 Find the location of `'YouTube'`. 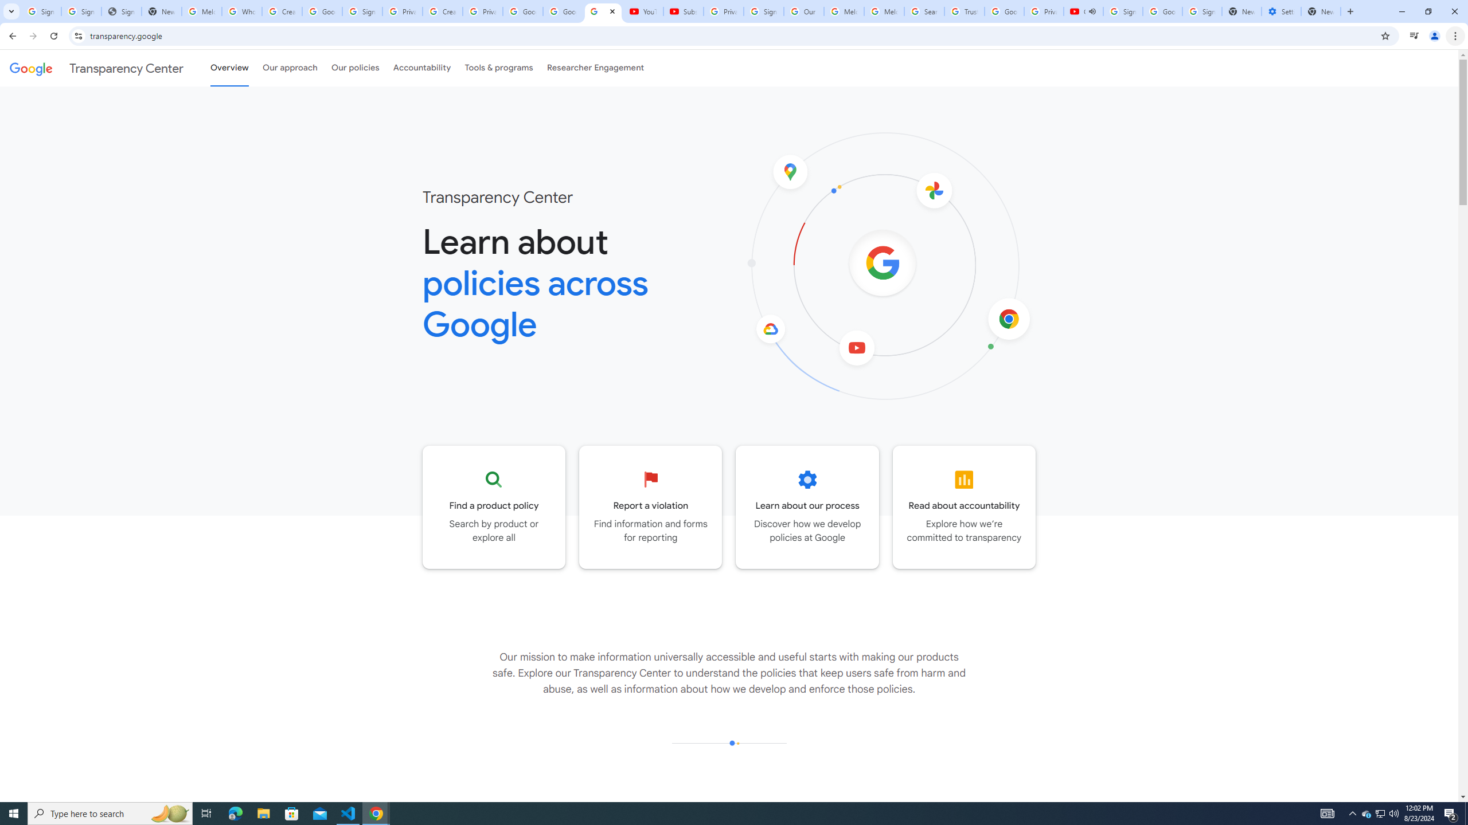

'YouTube' is located at coordinates (643, 11).